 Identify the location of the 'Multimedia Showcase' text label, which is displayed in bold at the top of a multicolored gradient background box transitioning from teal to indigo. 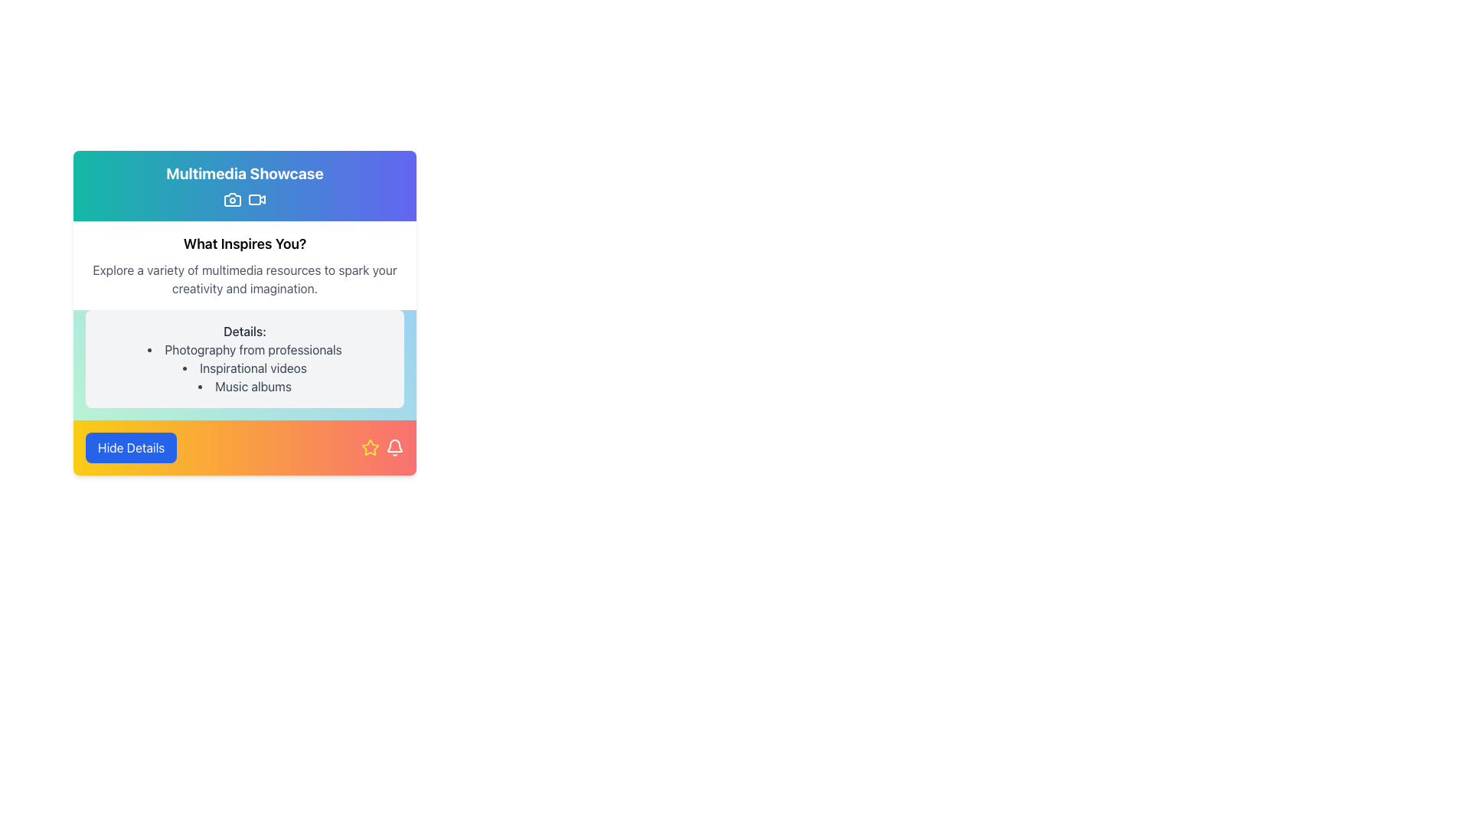
(245, 173).